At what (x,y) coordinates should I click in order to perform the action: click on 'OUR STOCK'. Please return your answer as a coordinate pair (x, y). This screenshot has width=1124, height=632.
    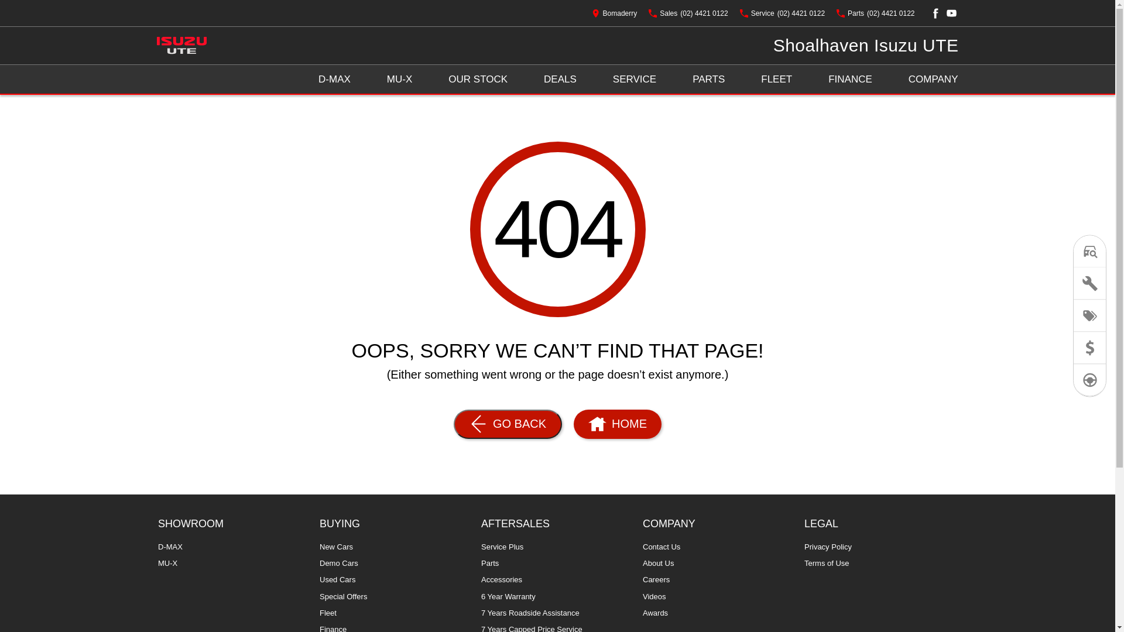
    Looking at the image, I should click on (478, 79).